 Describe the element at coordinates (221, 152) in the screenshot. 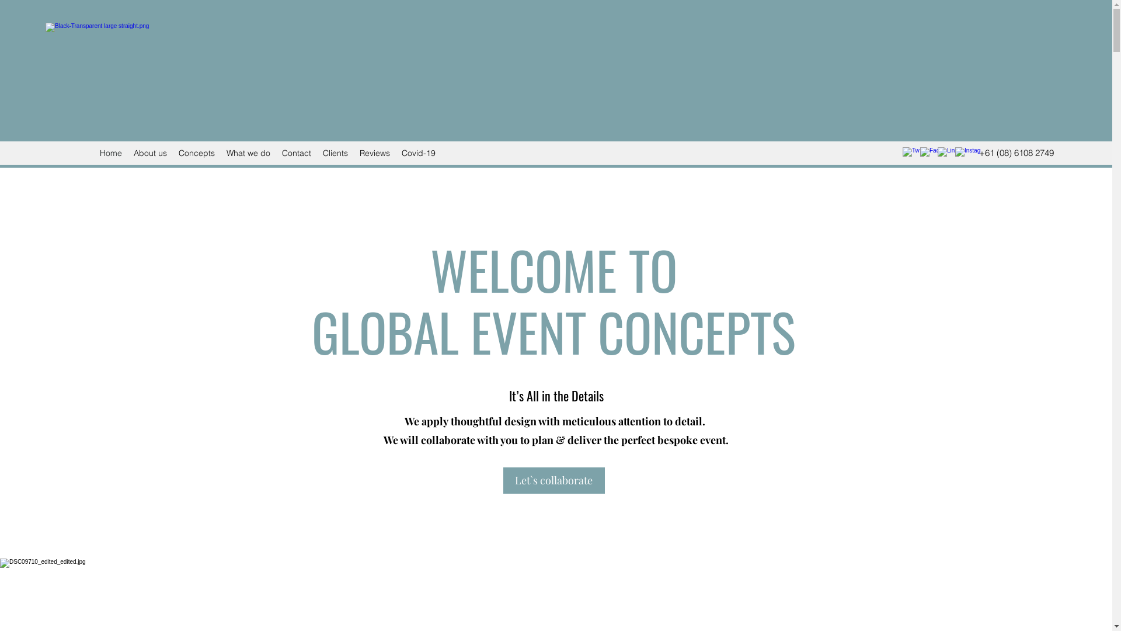

I see `'What we do'` at that location.